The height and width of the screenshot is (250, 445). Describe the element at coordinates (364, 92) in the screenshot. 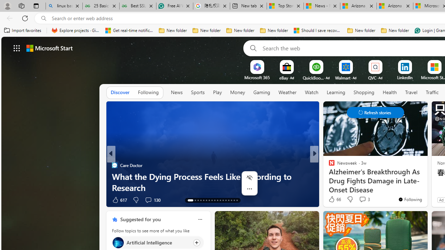

I see `'Shopping'` at that location.